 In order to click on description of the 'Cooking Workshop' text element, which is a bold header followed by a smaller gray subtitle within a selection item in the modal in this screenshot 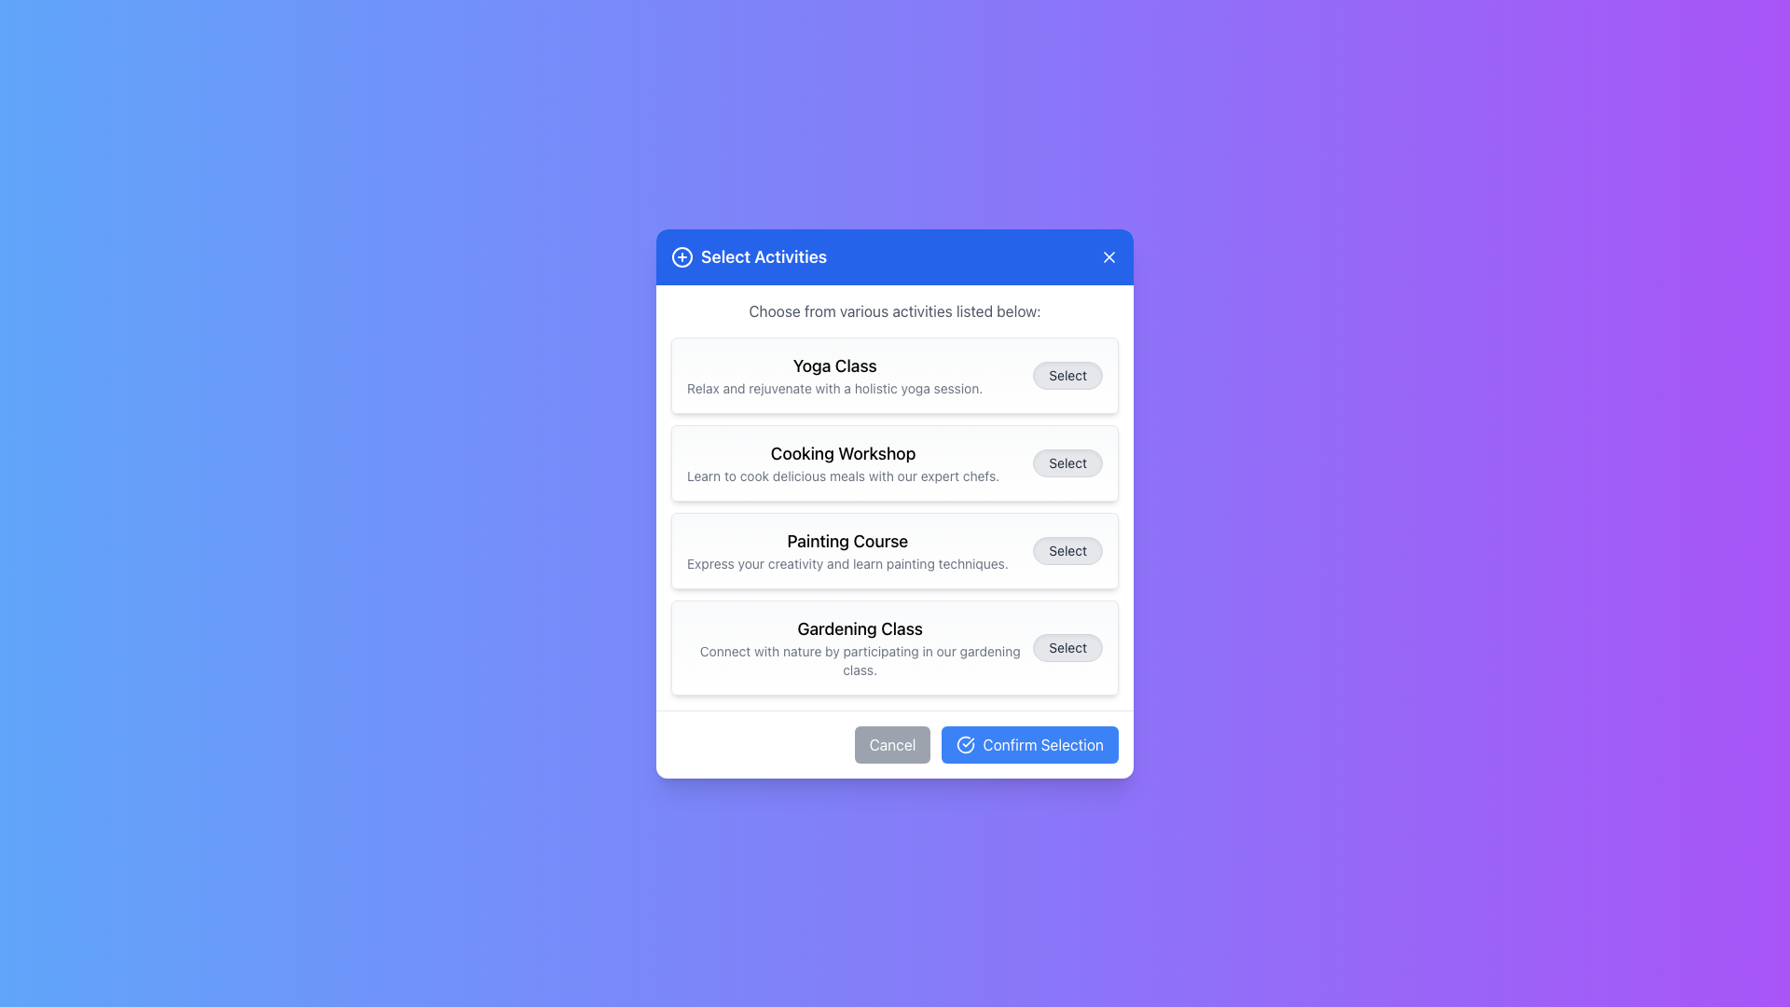, I will do `click(842, 462)`.